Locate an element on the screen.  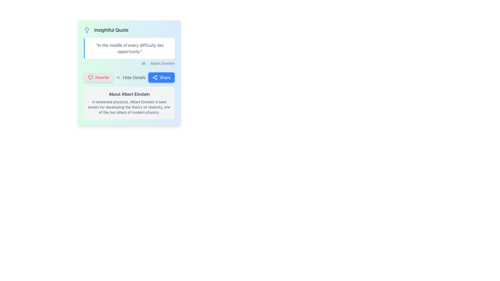
the 'Favorite' icon, which is represented by a button labeled 'Favorite' located on the left among three options below the quote text field is located at coordinates (90, 77).